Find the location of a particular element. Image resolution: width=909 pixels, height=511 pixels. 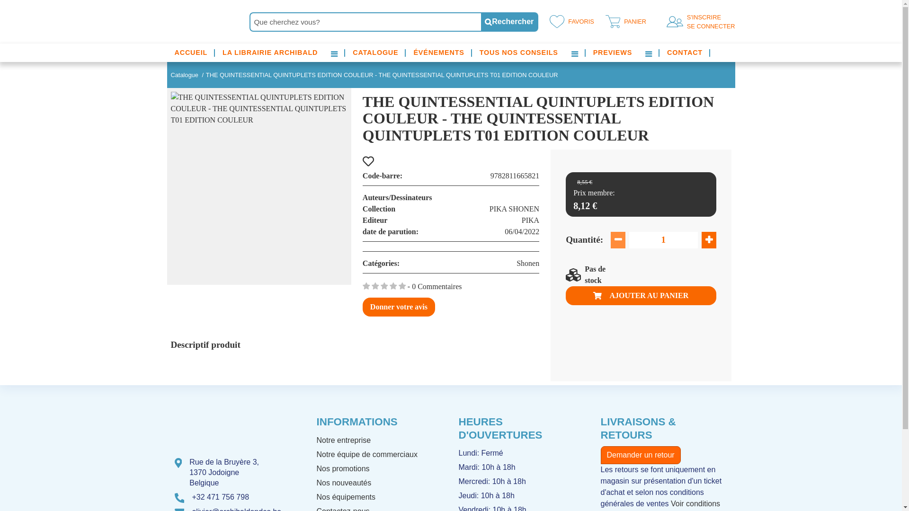

'Add to Wishlist' is located at coordinates (362, 161).